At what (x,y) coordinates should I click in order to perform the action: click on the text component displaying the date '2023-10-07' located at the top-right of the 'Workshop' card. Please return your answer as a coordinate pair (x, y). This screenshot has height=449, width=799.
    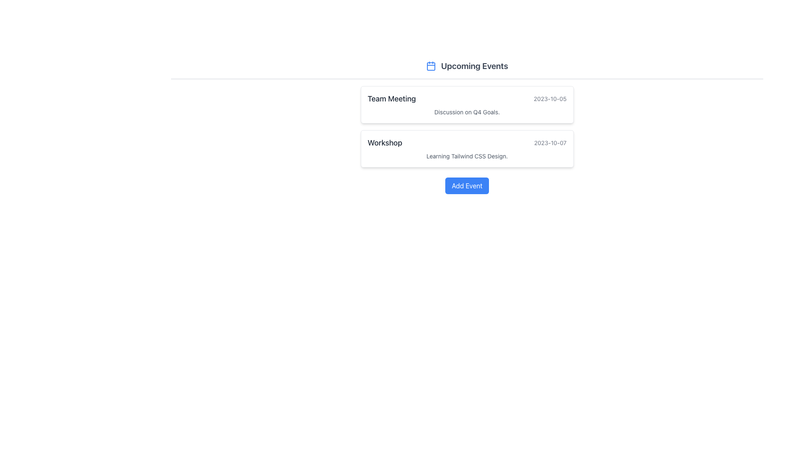
    Looking at the image, I should click on (550, 142).